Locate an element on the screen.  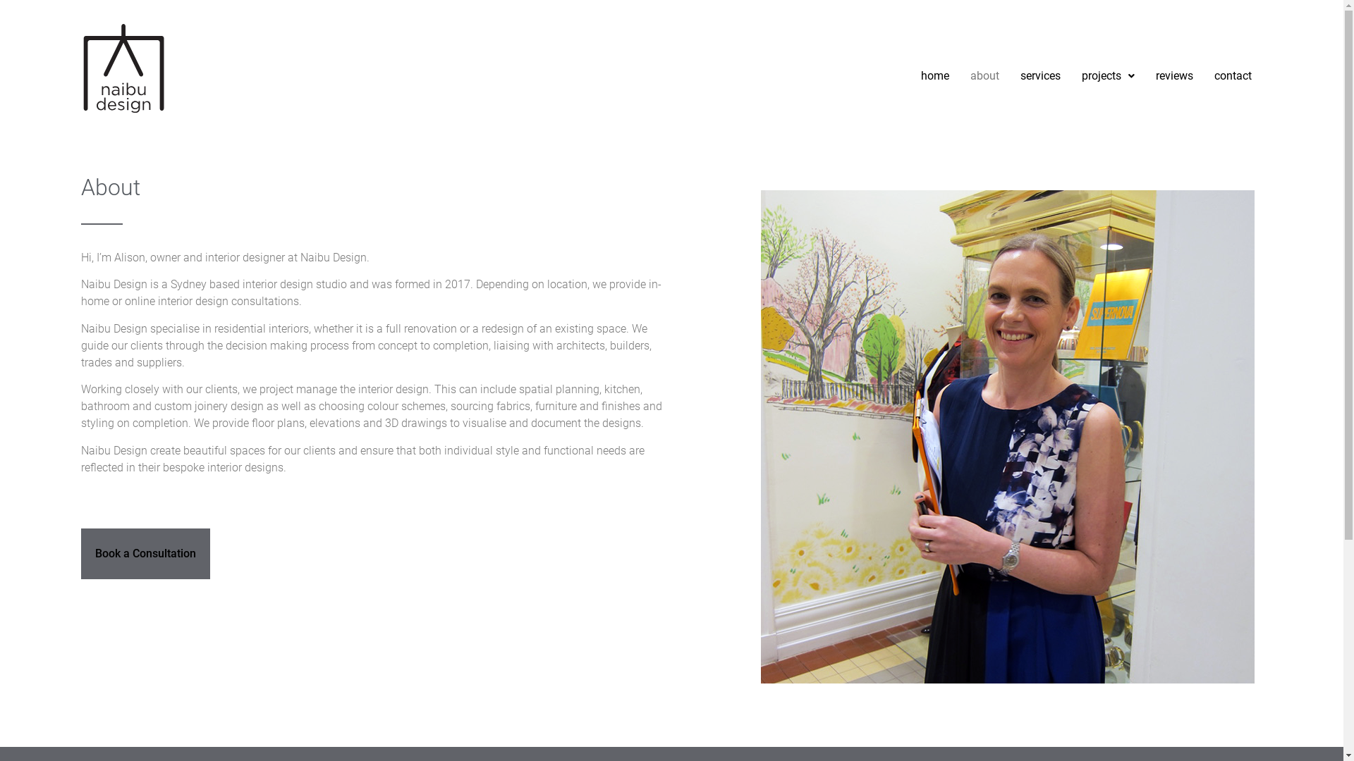
'about' is located at coordinates (984, 76).